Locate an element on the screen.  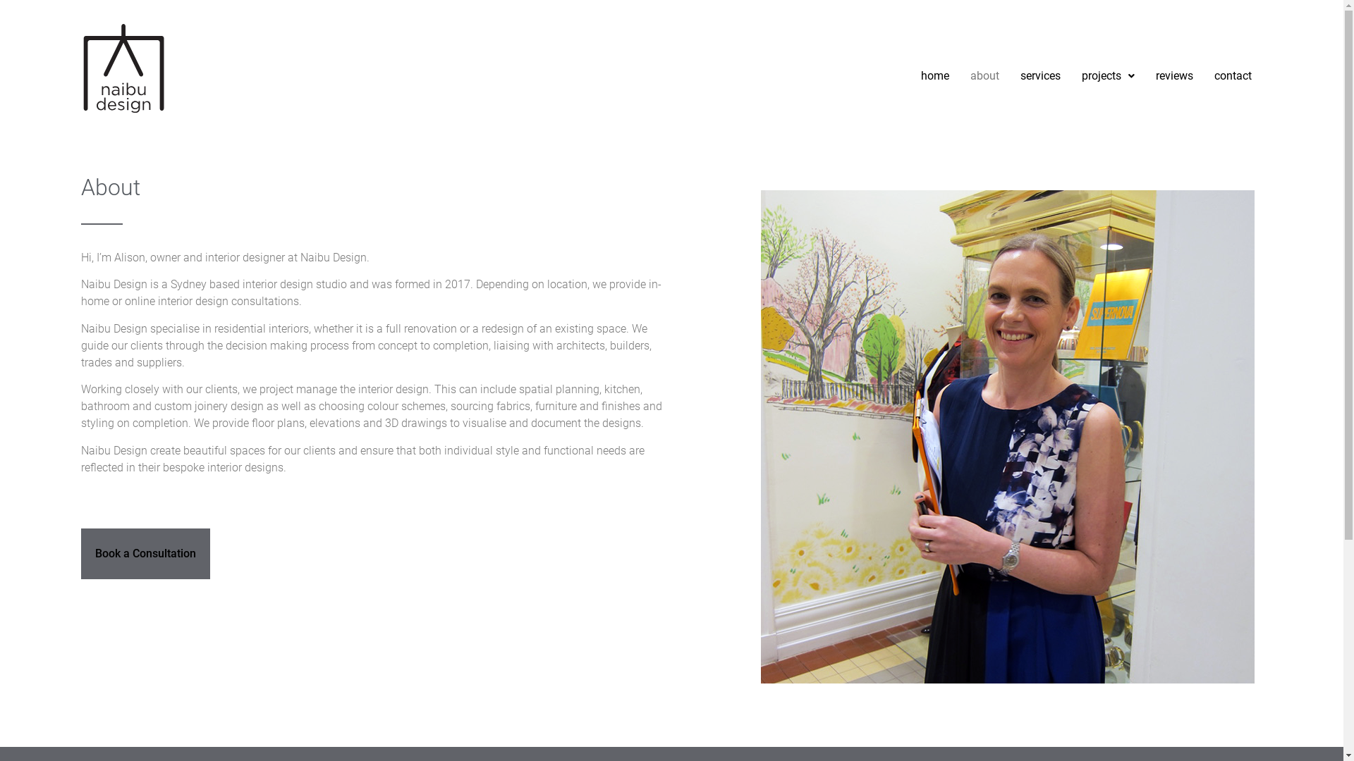
'about' is located at coordinates (984, 76).